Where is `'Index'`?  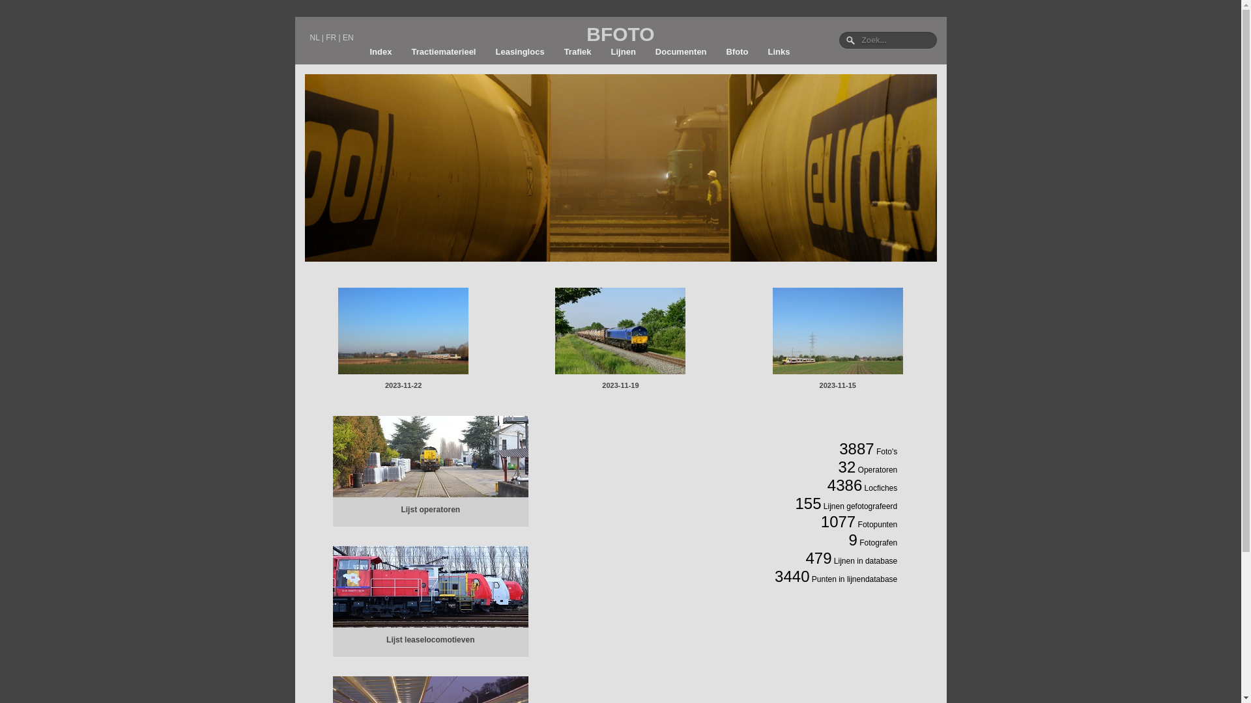
'Index' is located at coordinates (380, 51).